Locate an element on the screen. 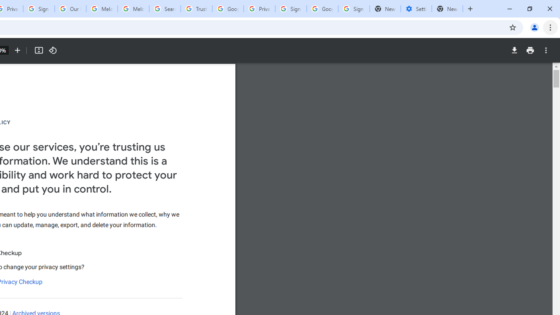 This screenshot has height=315, width=560. 'Fit to page' is located at coordinates (38, 50).